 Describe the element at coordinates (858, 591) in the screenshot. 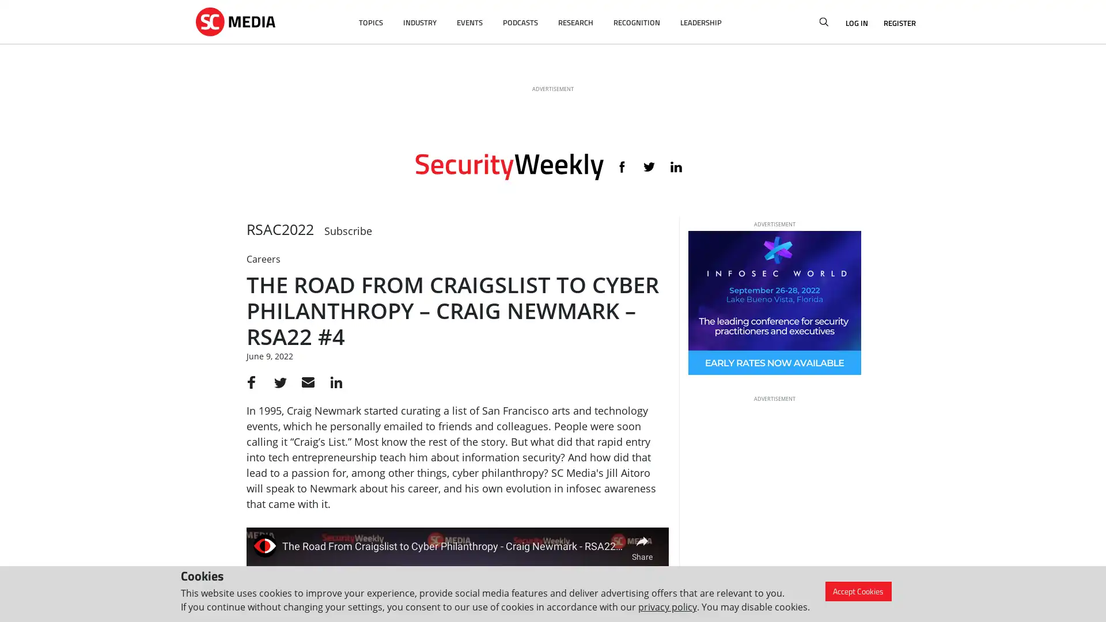

I see `Accept cookies` at that location.